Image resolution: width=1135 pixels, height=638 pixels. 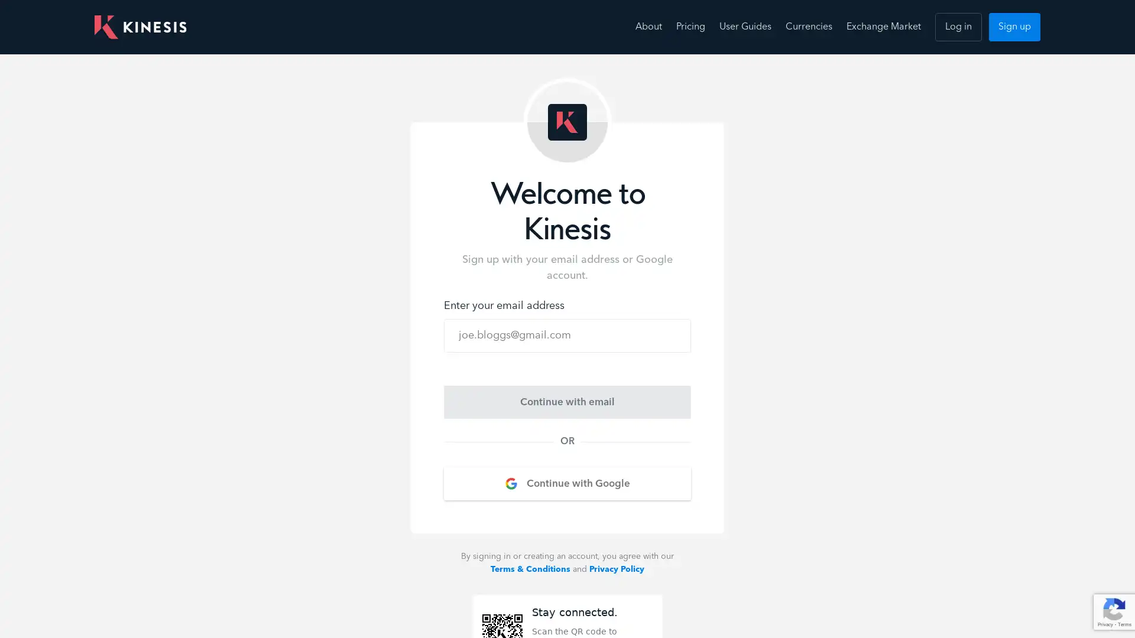 What do you see at coordinates (1014, 27) in the screenshot?
I see `Sign up` at bounding box center [1014, 27].